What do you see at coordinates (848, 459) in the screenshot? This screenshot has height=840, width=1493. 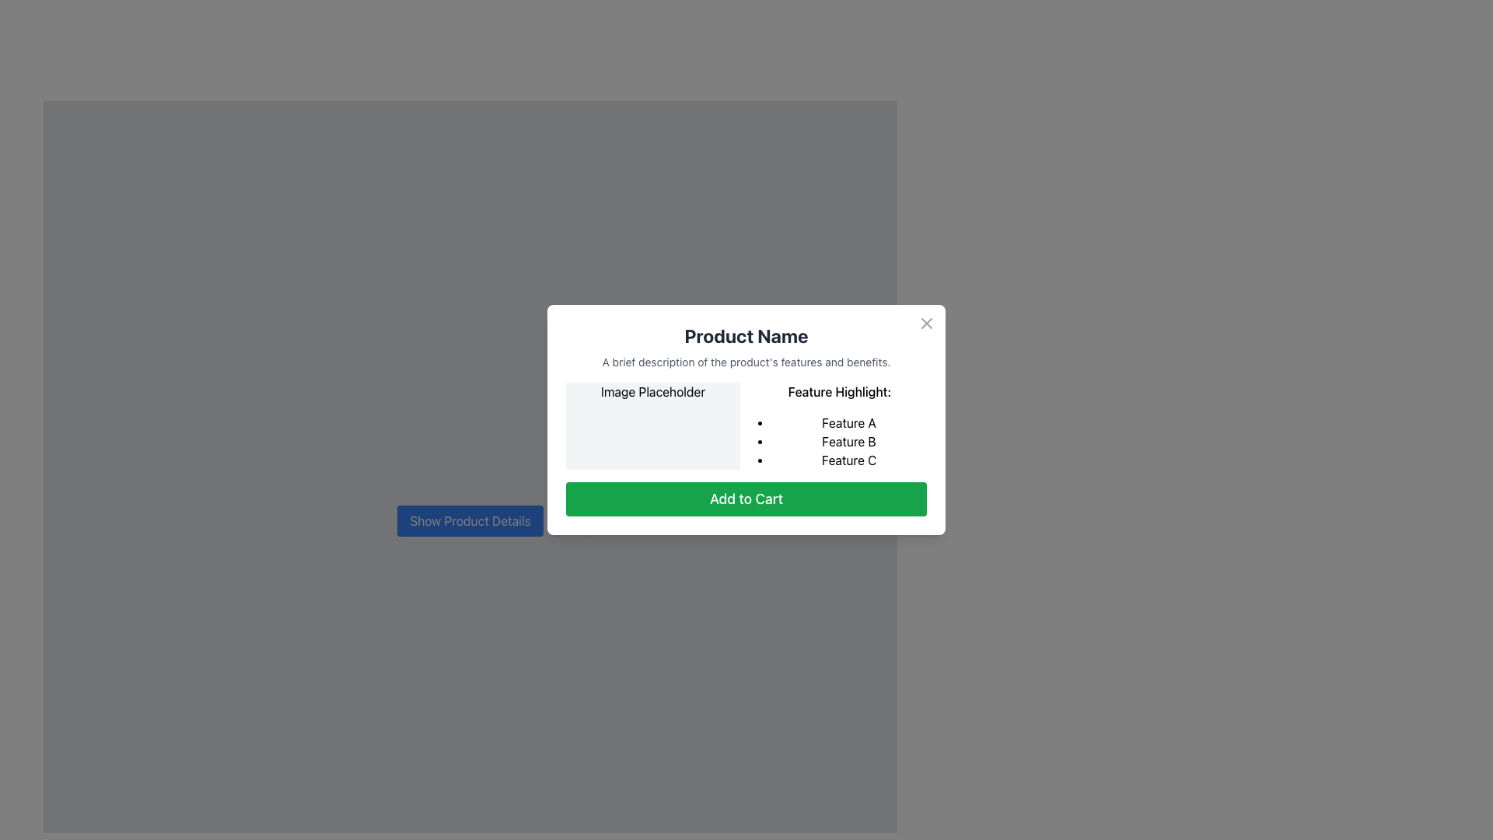 I see `the third bullet point in the 'Feature Highlight:' section of the modal window that lists 'Feature C'` at bounding box center [848, 459].